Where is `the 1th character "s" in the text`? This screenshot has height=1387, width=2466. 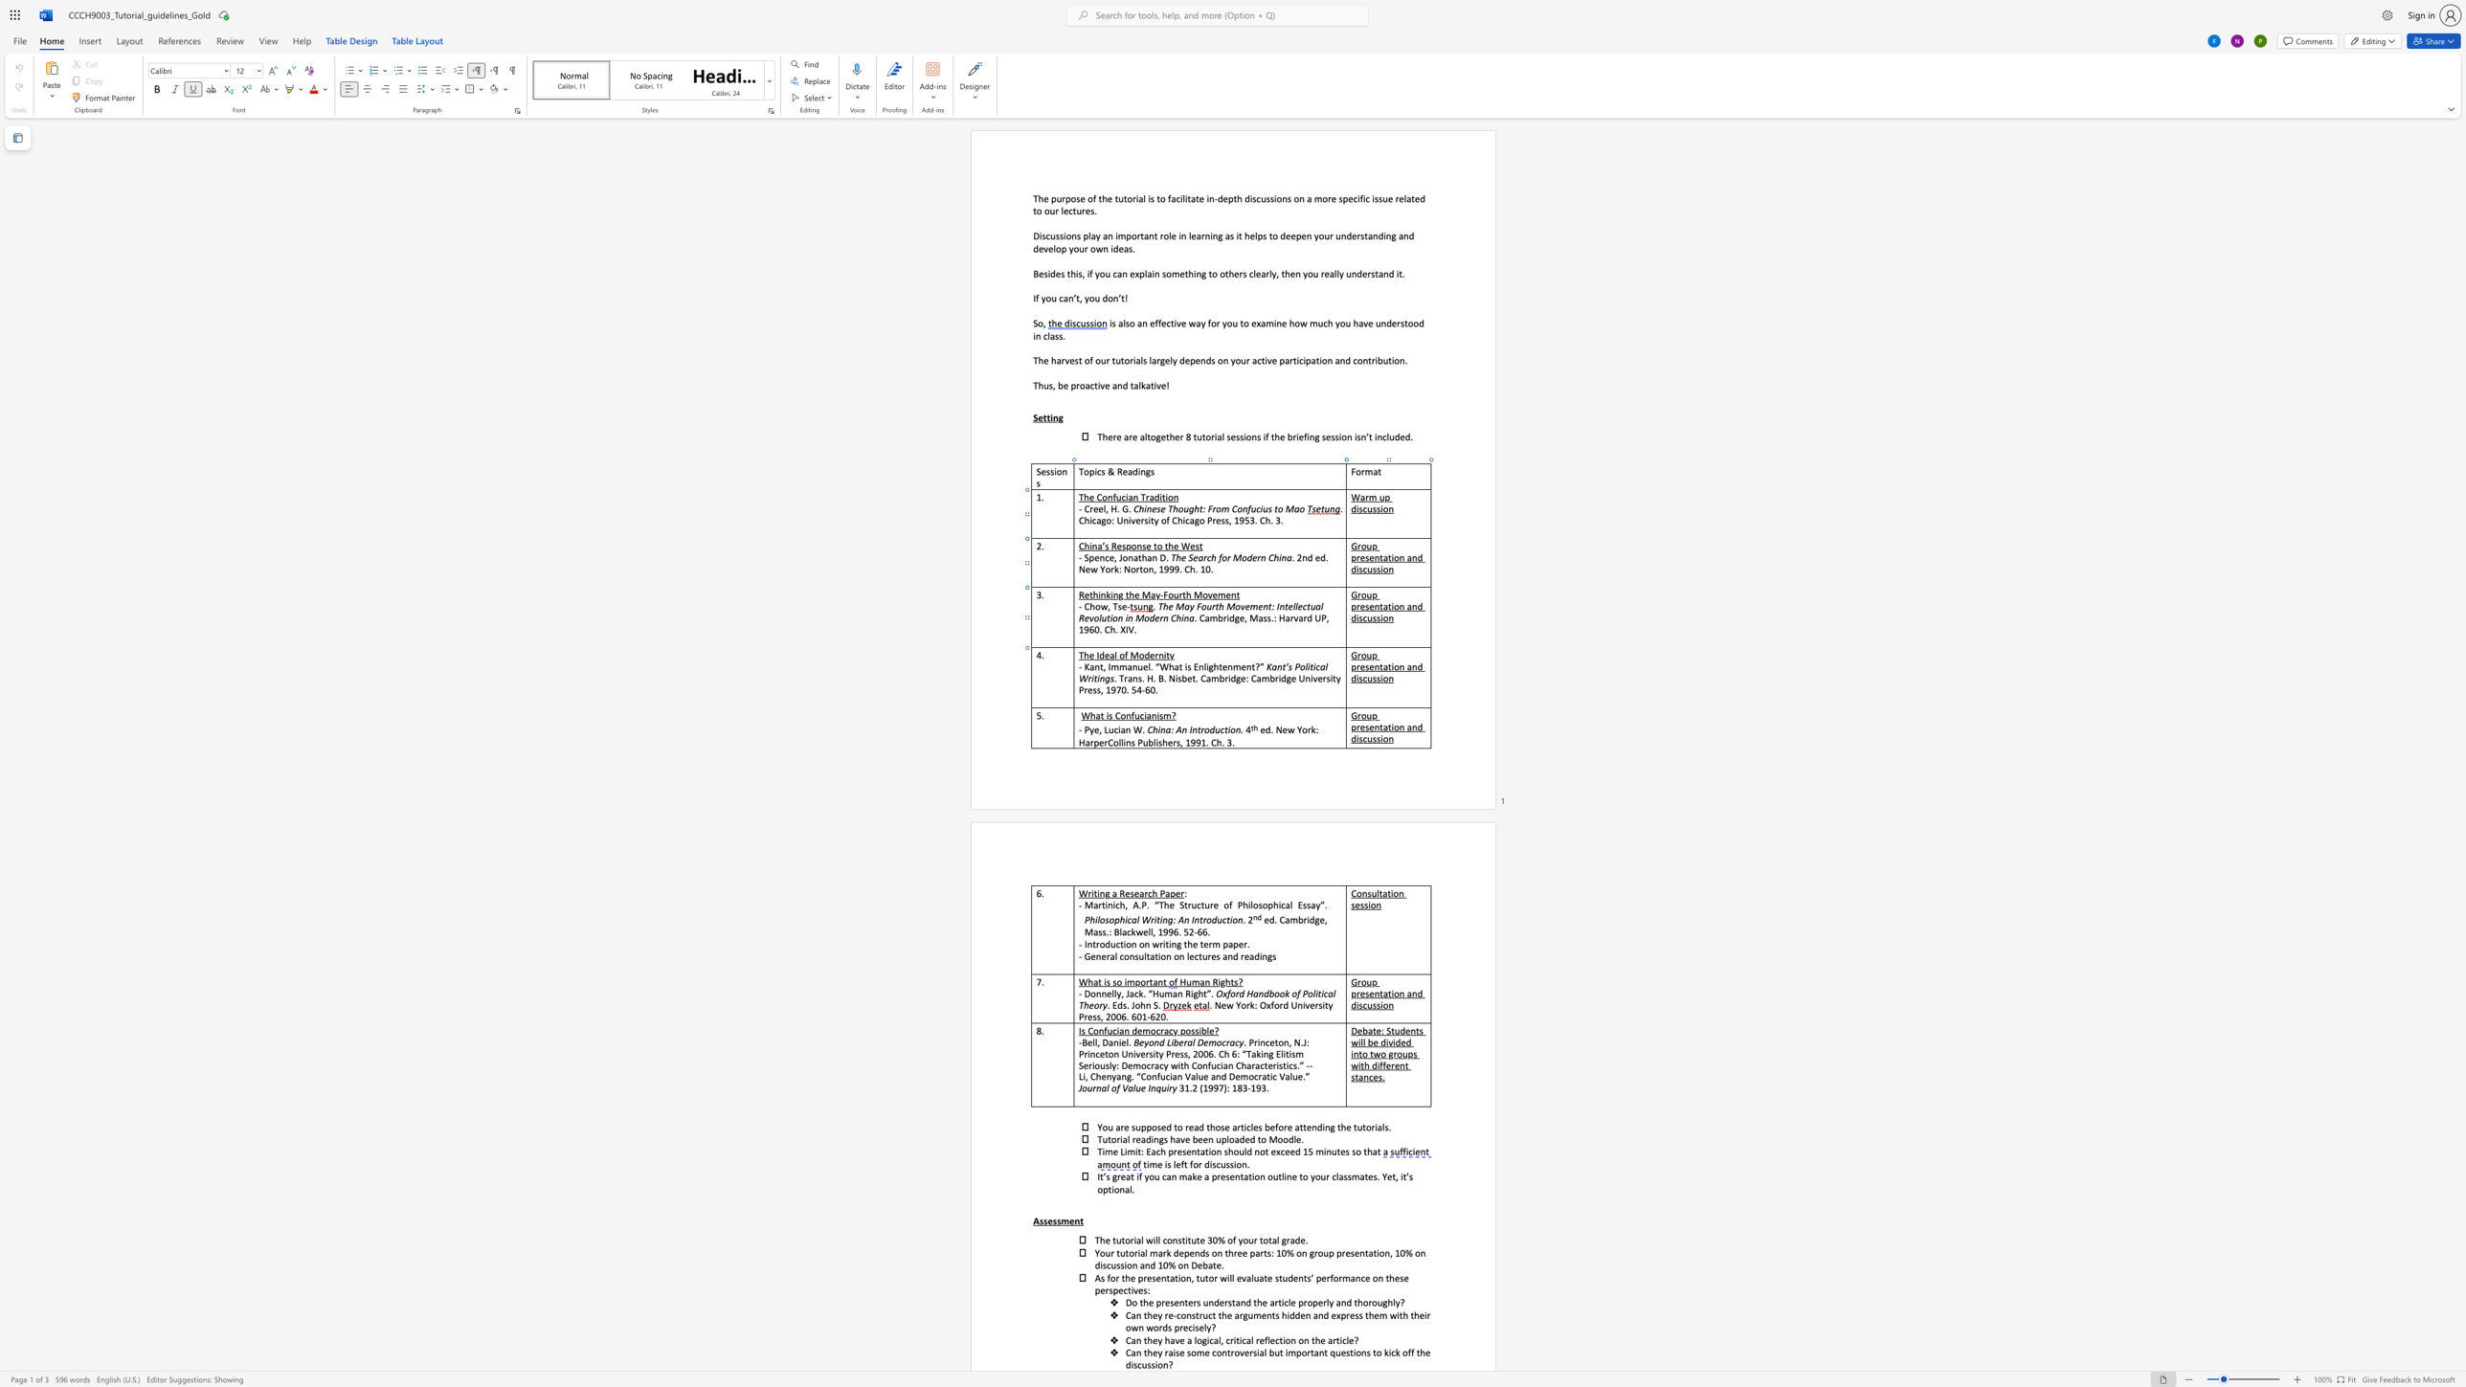
the 1th character "s" in the text is located at coordinates (1188, 666).